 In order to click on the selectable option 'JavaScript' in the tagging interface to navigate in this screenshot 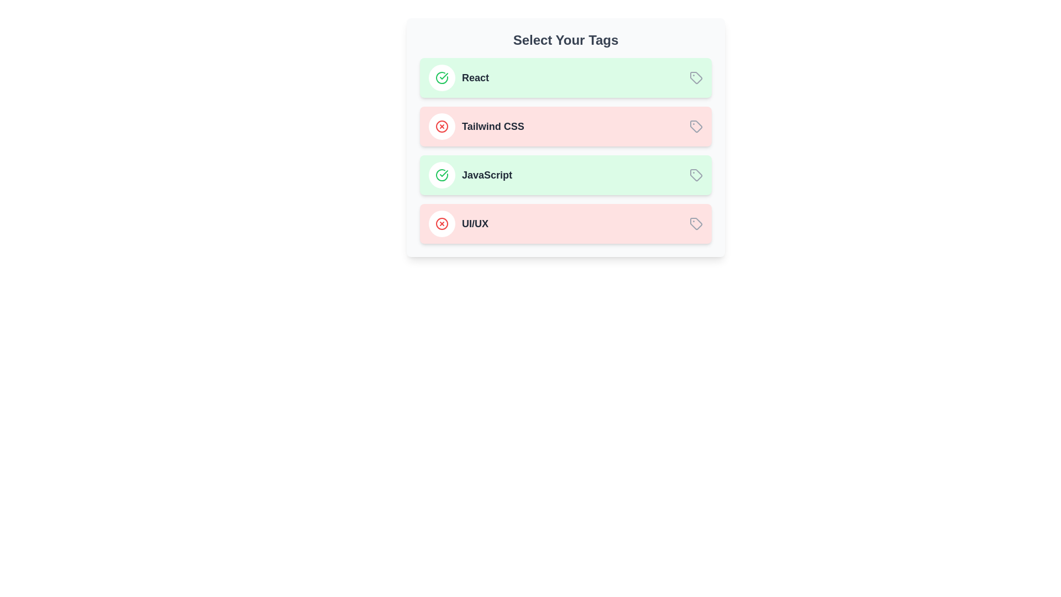, I will do `click(470, 174)`.